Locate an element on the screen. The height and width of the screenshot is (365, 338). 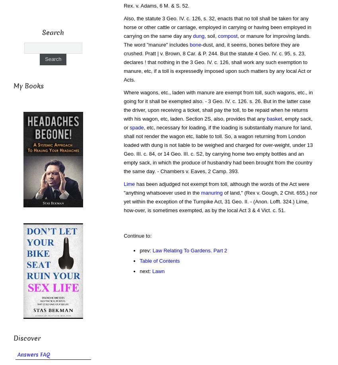
'of land," (Rex v. Gough, 2 Chit. 655,) nor yet within the exception of the Turnpike Act, 31 Geo. II. - (Anon. Lofft. 324.) Lime, how-over, is sometimes exempted, as by the local Act 3 & 4 Vict. c. 51.' is located at coordinates (220, 201).